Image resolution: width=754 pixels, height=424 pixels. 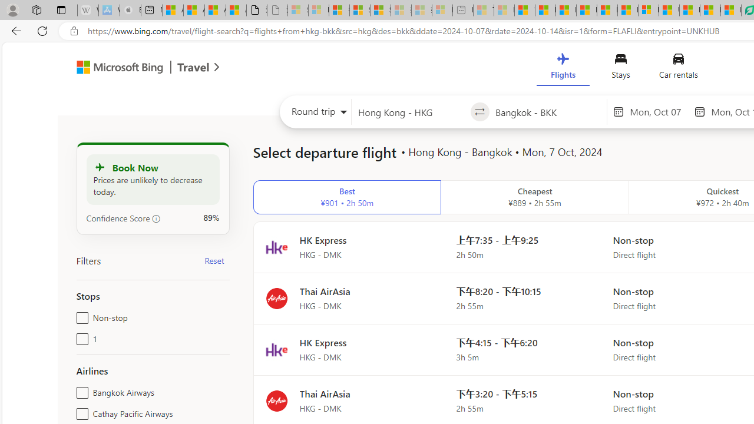 I want to click on 'Microsoft Services Agreement - Sleeping', so click(x=318, y=10).